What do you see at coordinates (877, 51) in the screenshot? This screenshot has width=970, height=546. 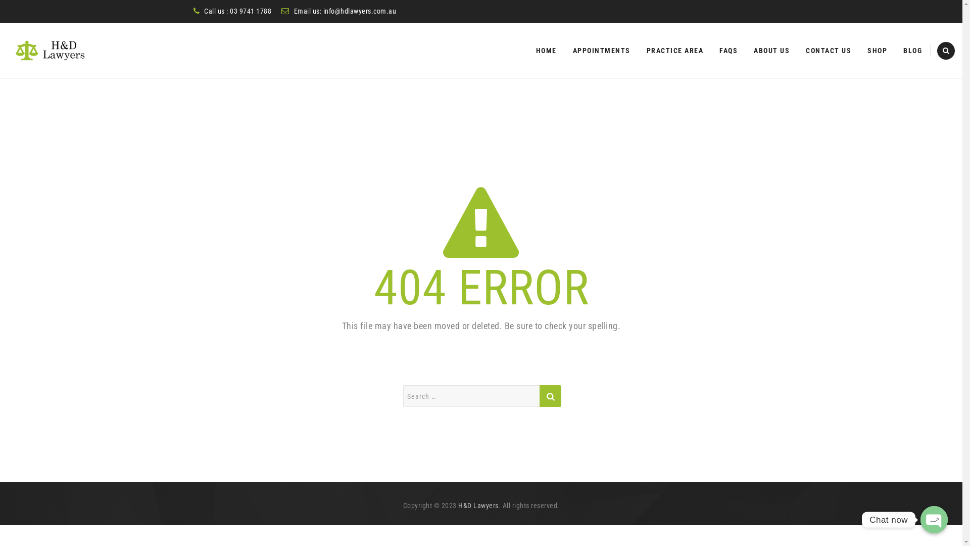 I see `'SHOP'` at bounding box center [877, 51].